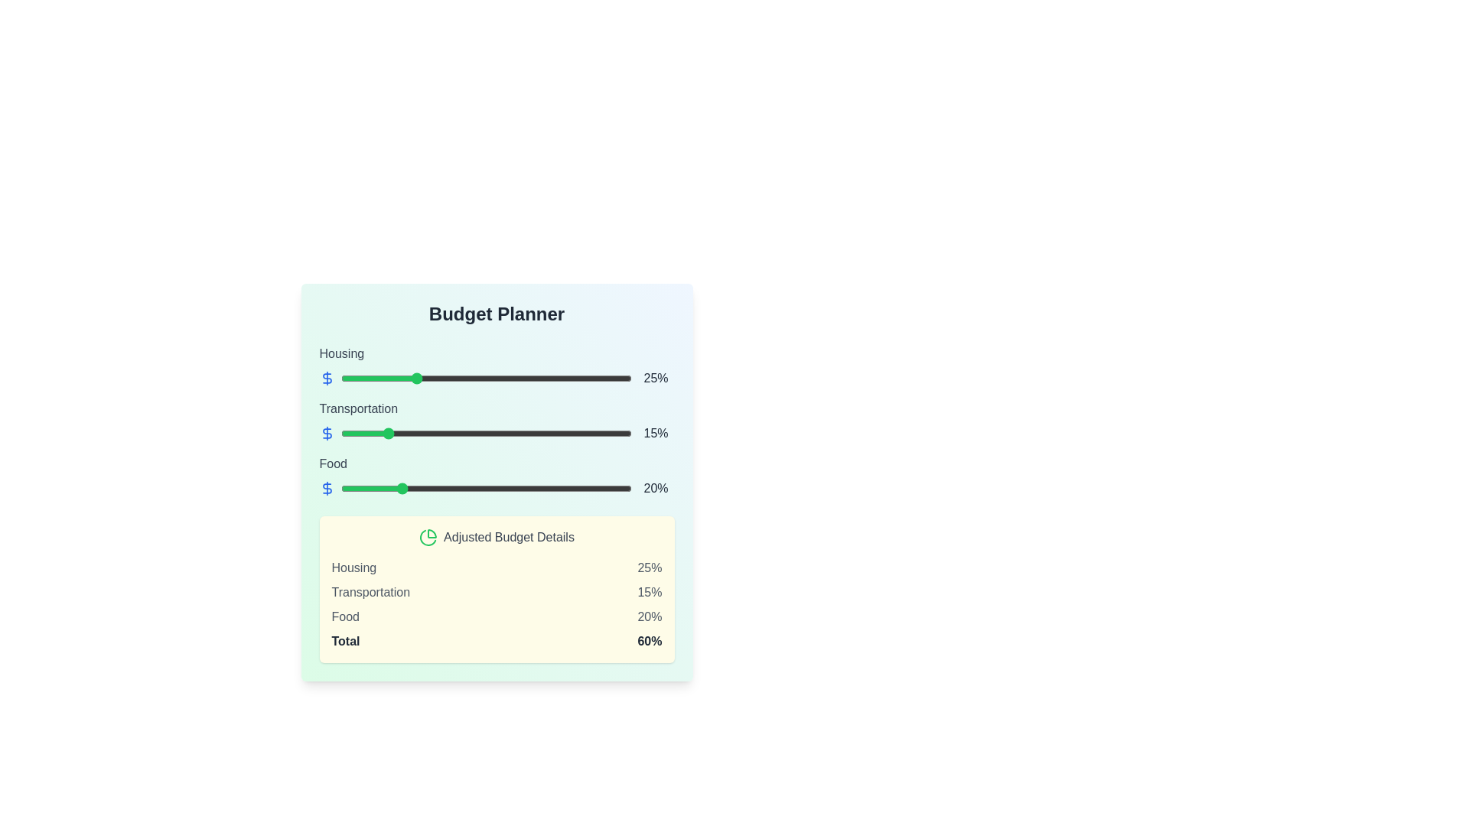 This screenshot has height=826, width=1469. I want to click on the housing budget slider, so click(450, 378).